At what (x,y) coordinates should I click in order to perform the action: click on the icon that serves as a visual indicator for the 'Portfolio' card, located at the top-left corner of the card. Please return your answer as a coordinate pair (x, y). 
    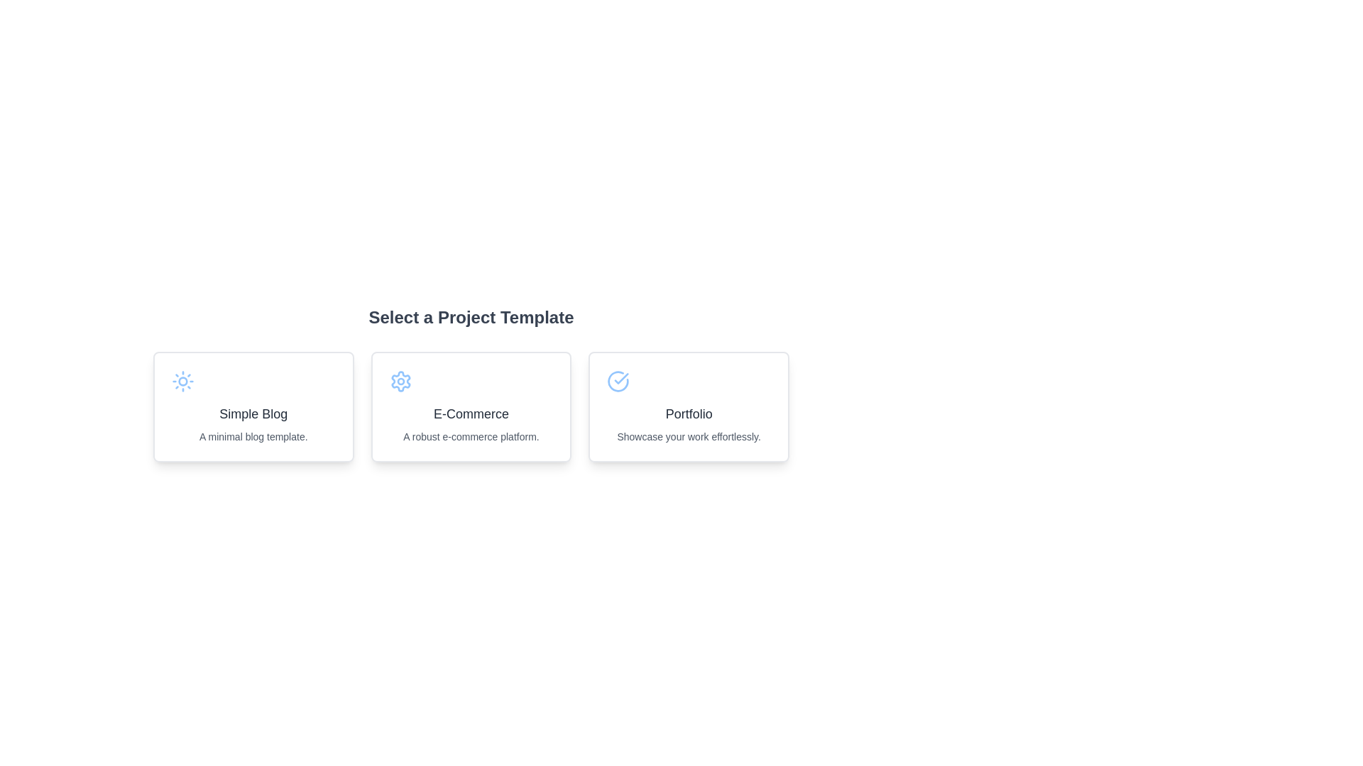
    Looking at the image, I should click on (618, 380).